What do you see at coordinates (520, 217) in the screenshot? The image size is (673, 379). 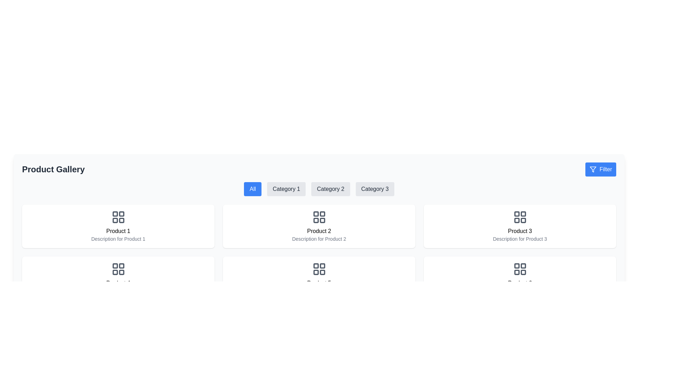 I see `the grid icon at the top center of the 'Product 3' card` at bounding box center [520, 217].